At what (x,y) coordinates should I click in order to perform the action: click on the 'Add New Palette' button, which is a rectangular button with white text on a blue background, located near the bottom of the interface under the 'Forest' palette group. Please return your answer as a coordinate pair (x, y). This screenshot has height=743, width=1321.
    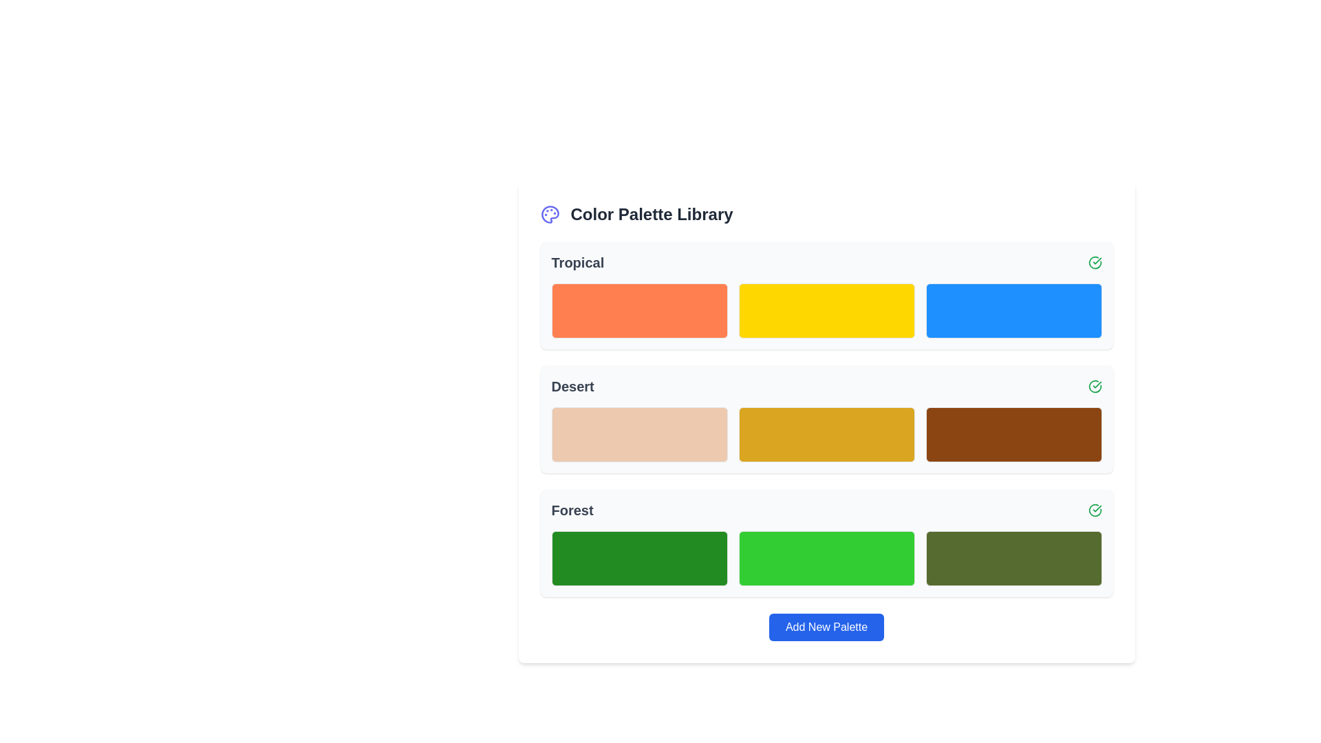
    Looking at the image, I should click on (826, 627).